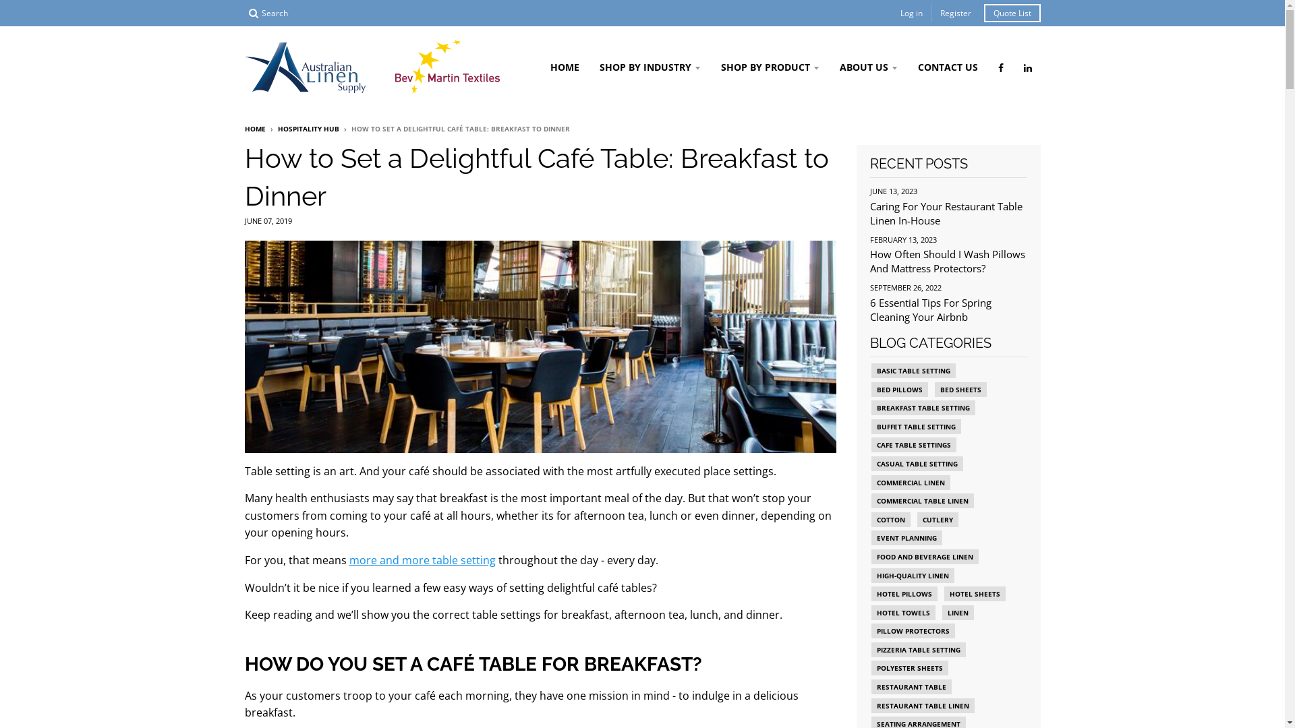 This screenshot has height=728, width=1295. What do you see at coordinates (422, 559) in the screenshot?
I see `'more and more table setting'` at bounding box center [422, 559].